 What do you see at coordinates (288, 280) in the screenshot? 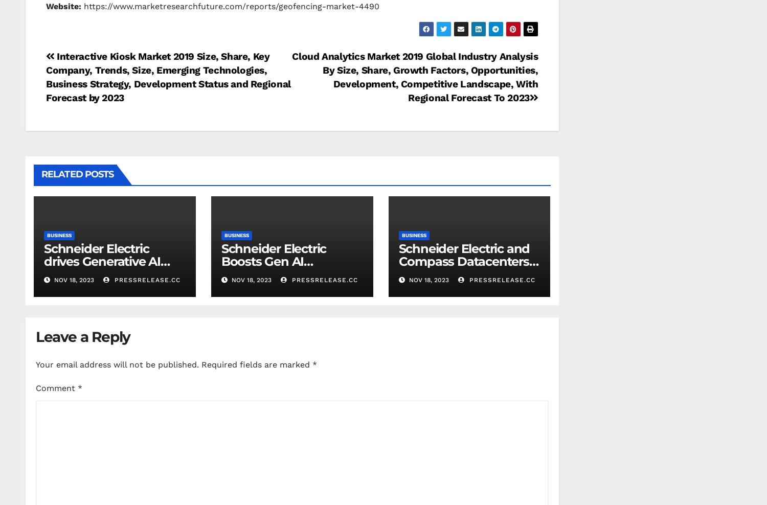
I see `'Schneider Electric Boosts Gen AI Productivity and Sustainability Solutions with Microsoft Azure OpenAI Integration'` at bounding box center [288, 280].